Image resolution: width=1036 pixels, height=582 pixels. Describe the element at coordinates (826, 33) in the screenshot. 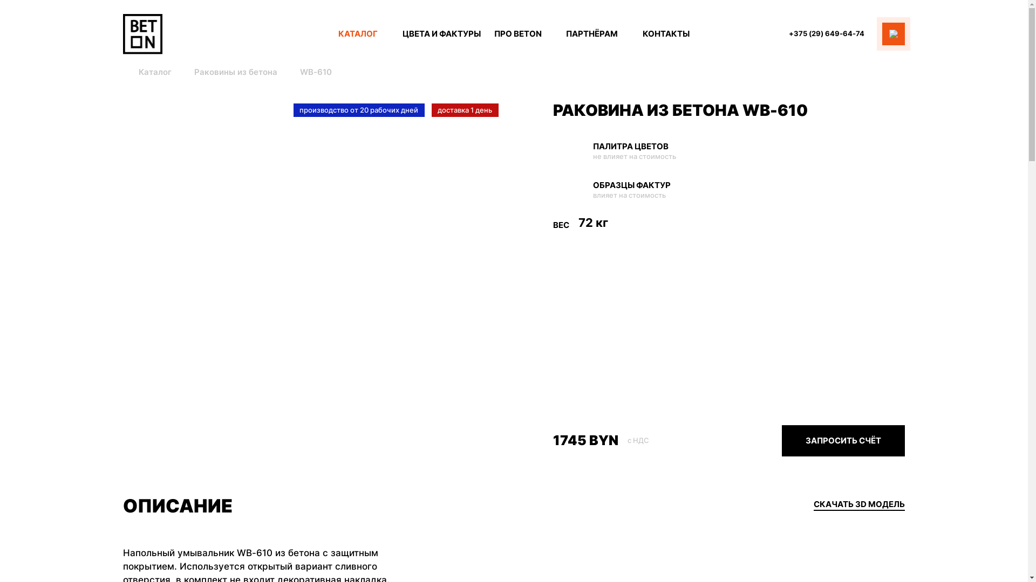

I see `'+375 (29) 649-64-74'` at that location.